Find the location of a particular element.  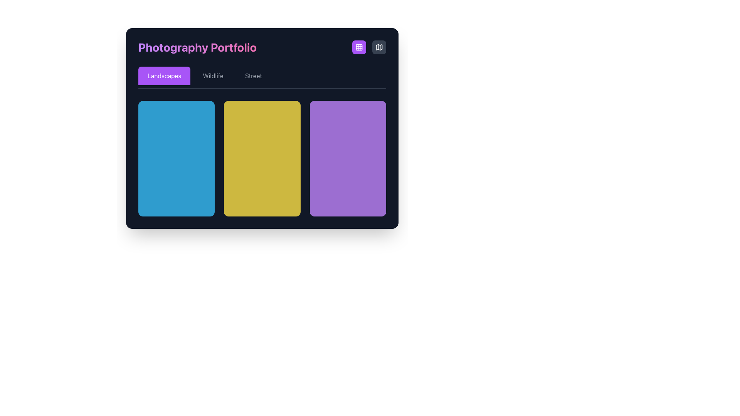

the purple button with rounded corners and a grid-like icon design at its center is located at coordinates (358, 47).